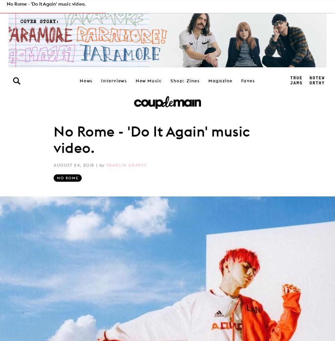  What do you see at coordinates (248, 80) in the screenshot?
I see `'Faves'` at bounding box center [248, 80].